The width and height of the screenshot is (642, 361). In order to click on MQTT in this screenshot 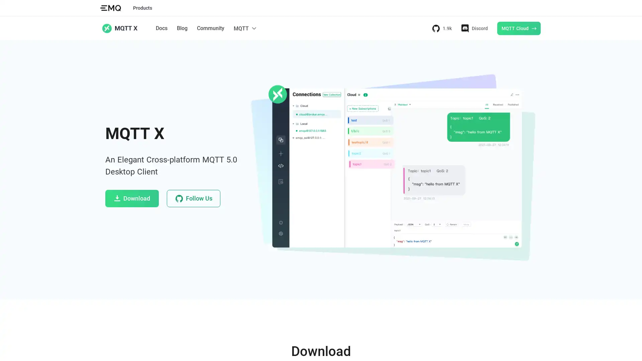, I will do `click(321, 106)`.